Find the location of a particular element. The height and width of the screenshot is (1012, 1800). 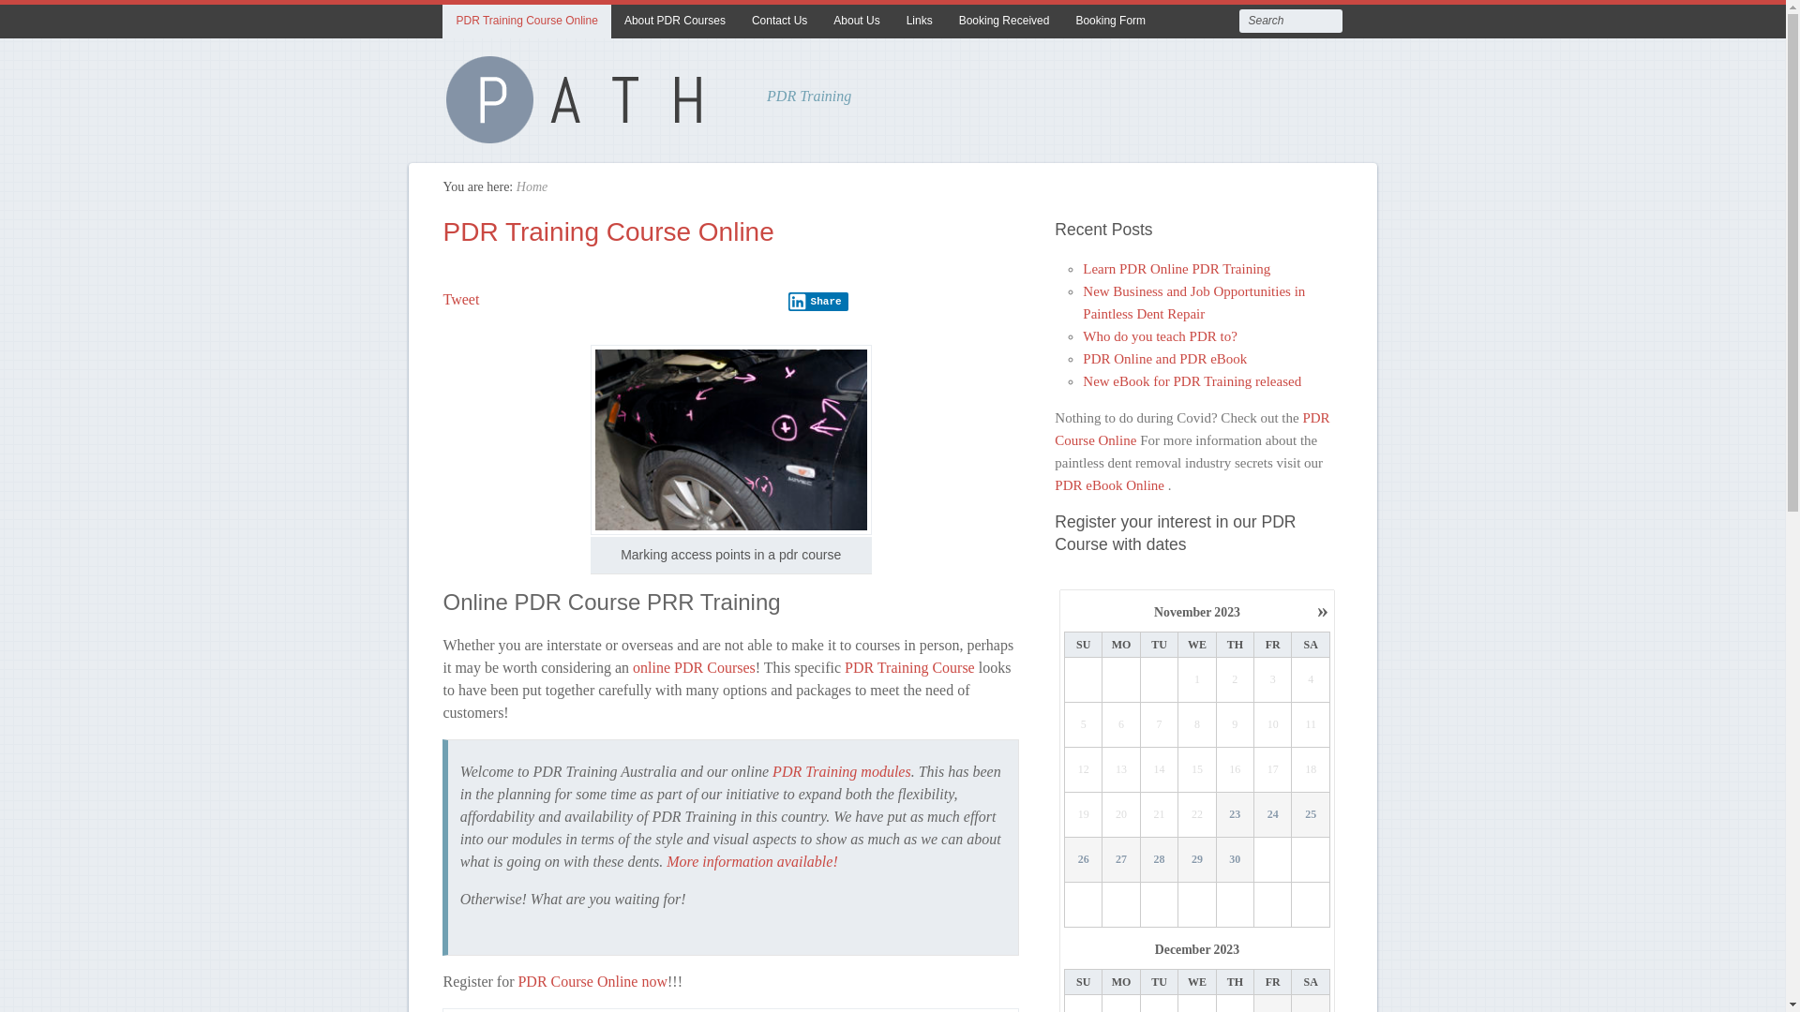

'24' is located at coordinates (1254, 813).